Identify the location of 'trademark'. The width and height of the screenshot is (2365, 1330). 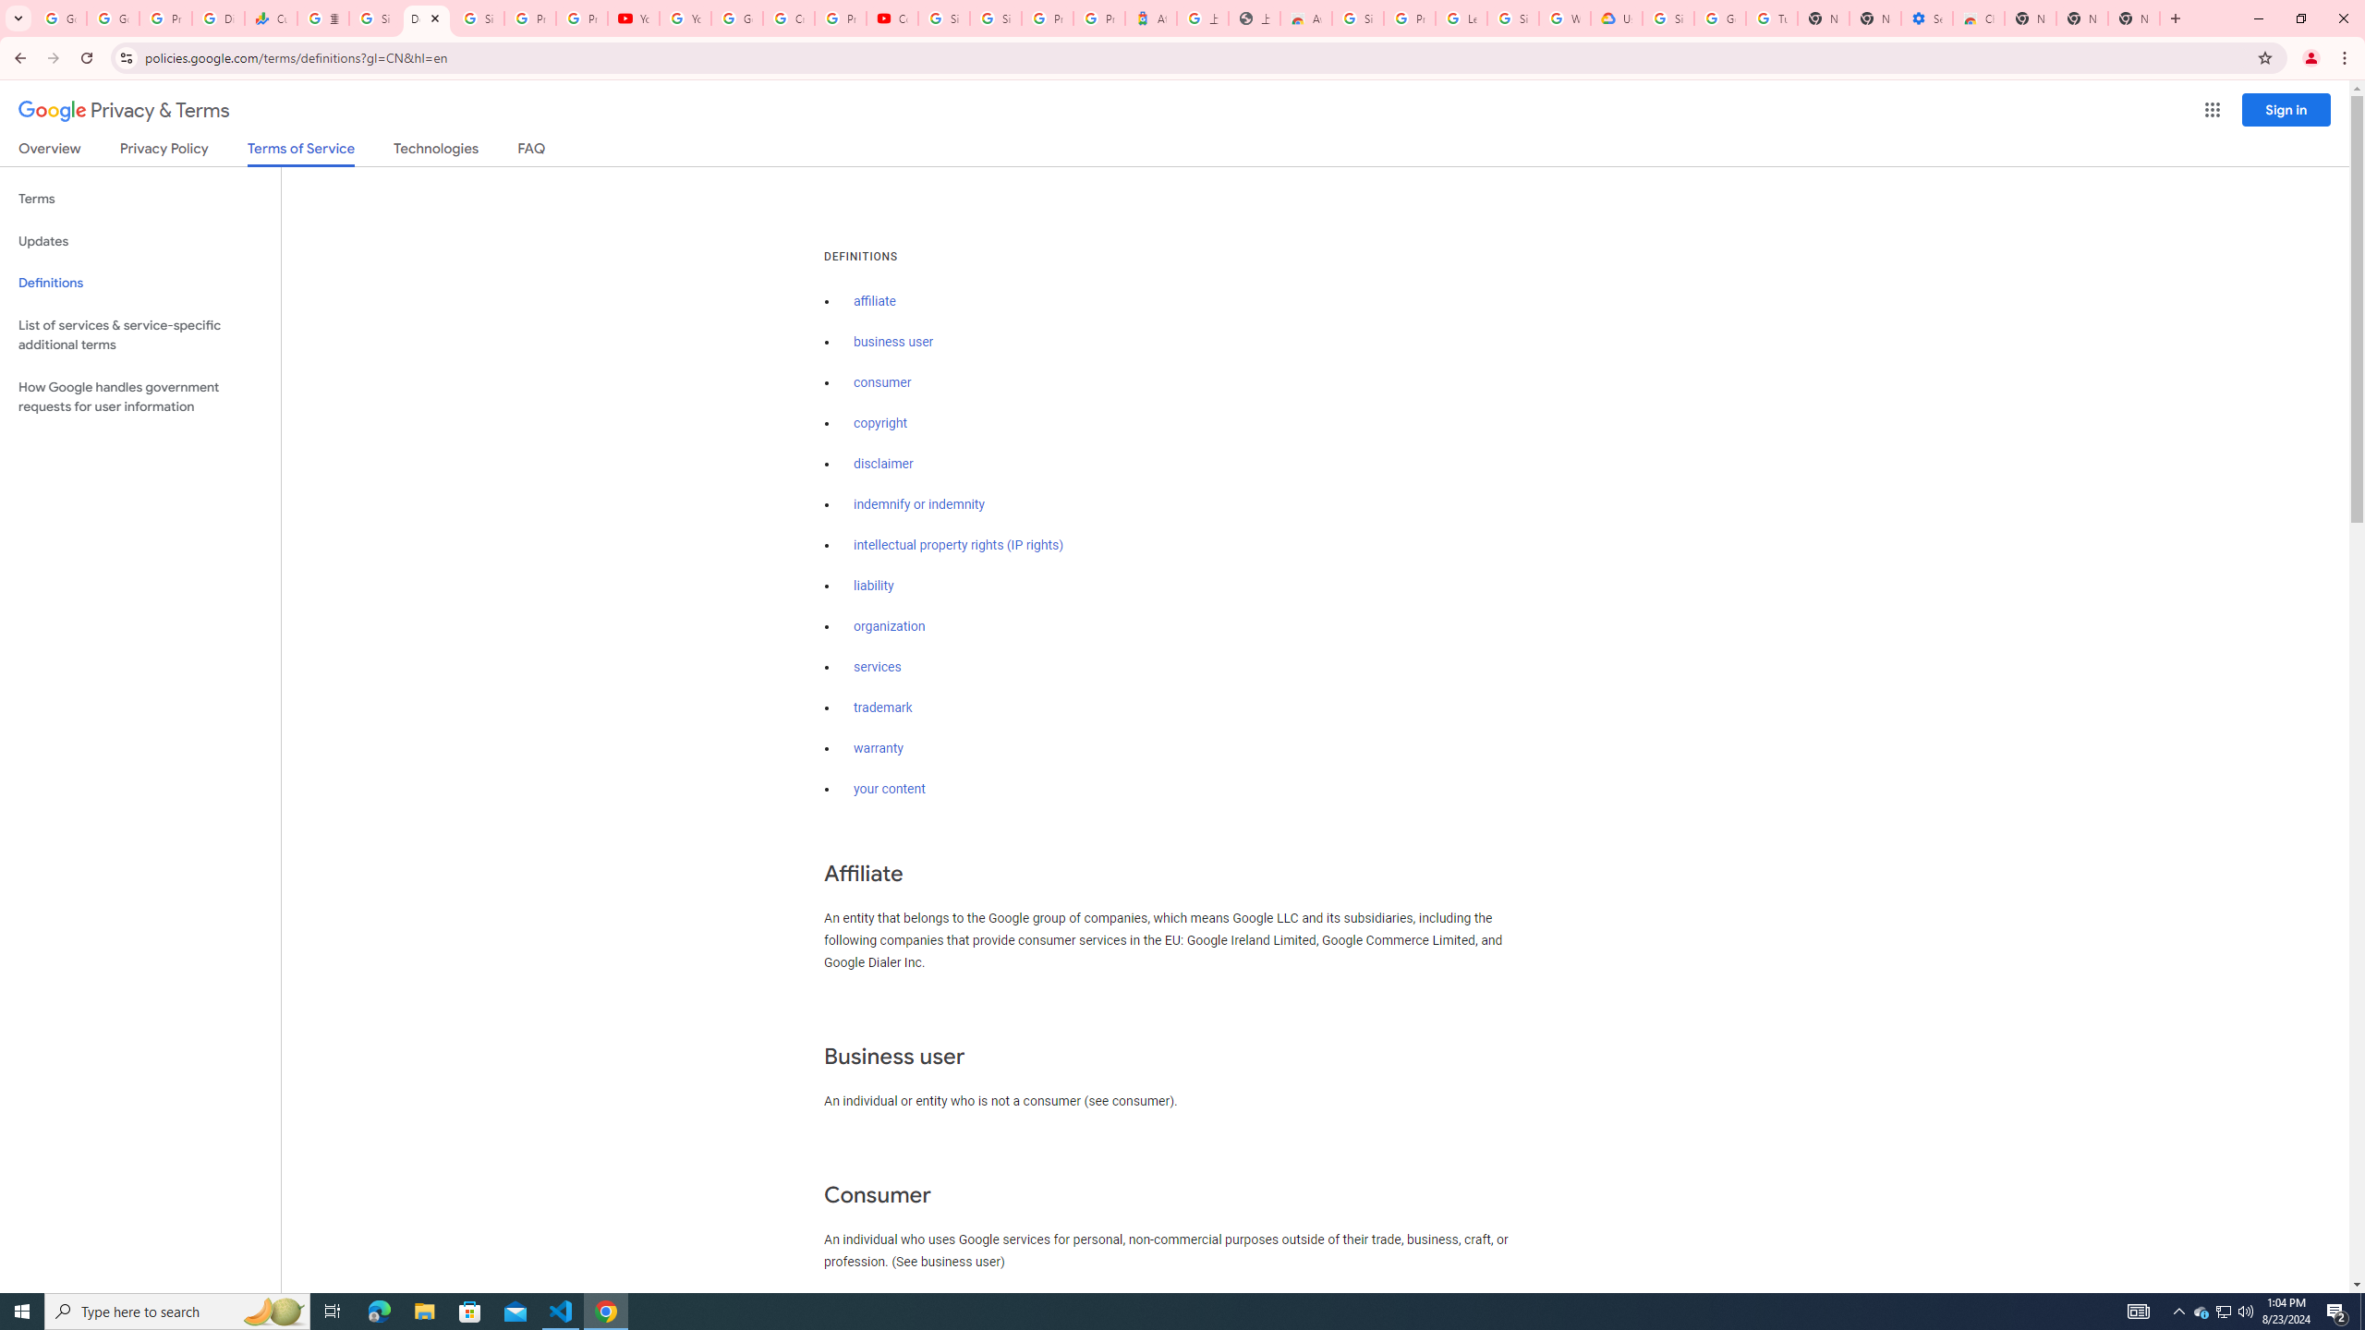
(882, 707).